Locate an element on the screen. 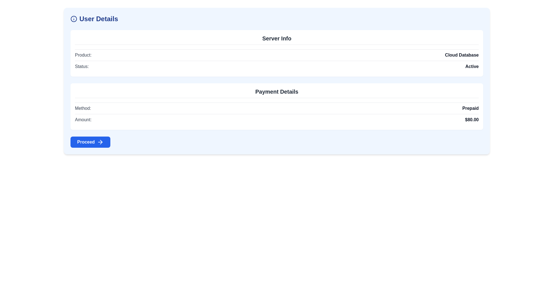 The height and width of the screenshot is (301, 535). the static text indicating the current status of an associated entity or service, which is located to the right of the 'Status:' label is located at coordinates (472, 66).